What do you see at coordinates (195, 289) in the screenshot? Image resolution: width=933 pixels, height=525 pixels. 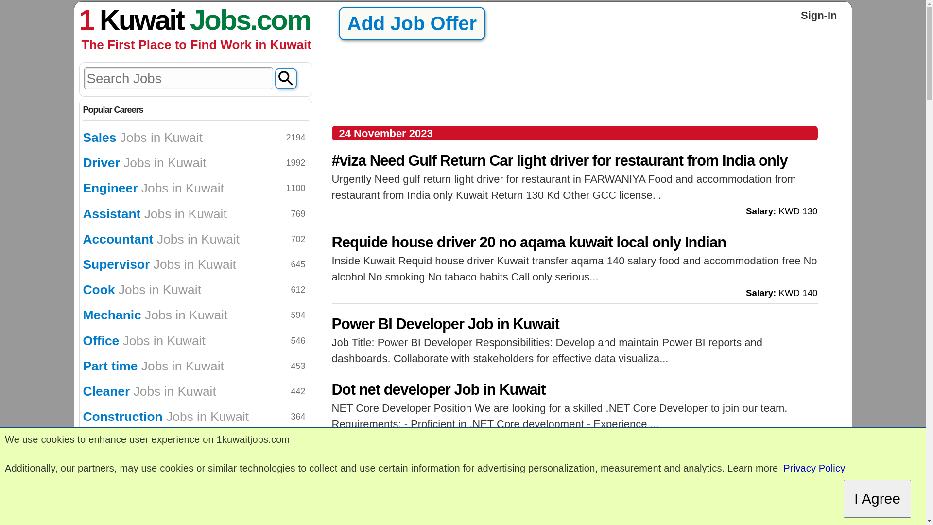 I see `'Cook Jobs in Kuwait` at bounding box center [195, 289].